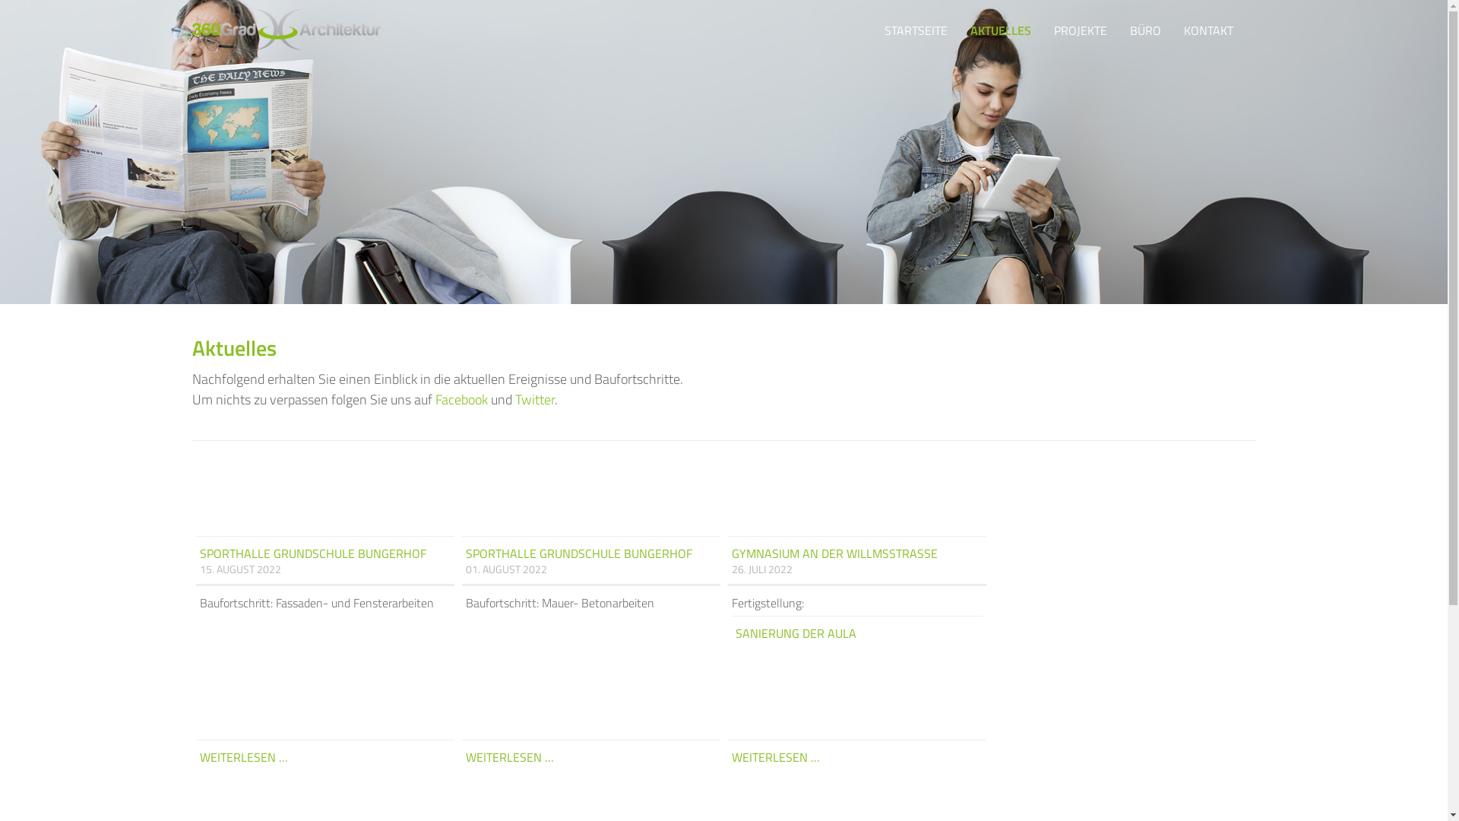 The image size is (1459, 821). Describe the element at coordinates (460, 398) in the screenshot. I see `'Facebook'` at that location.